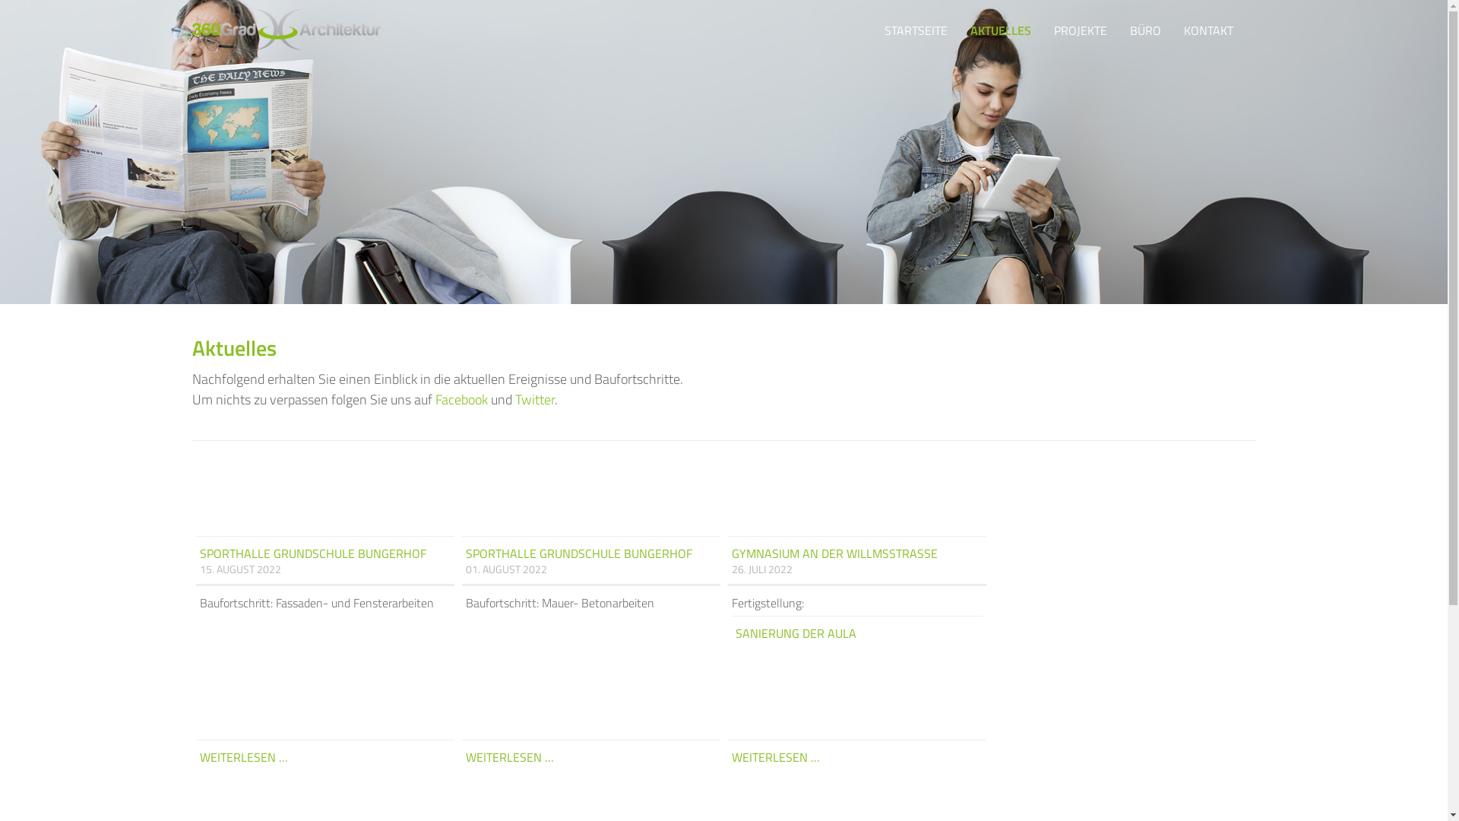 The image size is (1459, 821). Describe the element at coordinates (460, 398) in the screenshot. I see `'Facebook'` at that location.